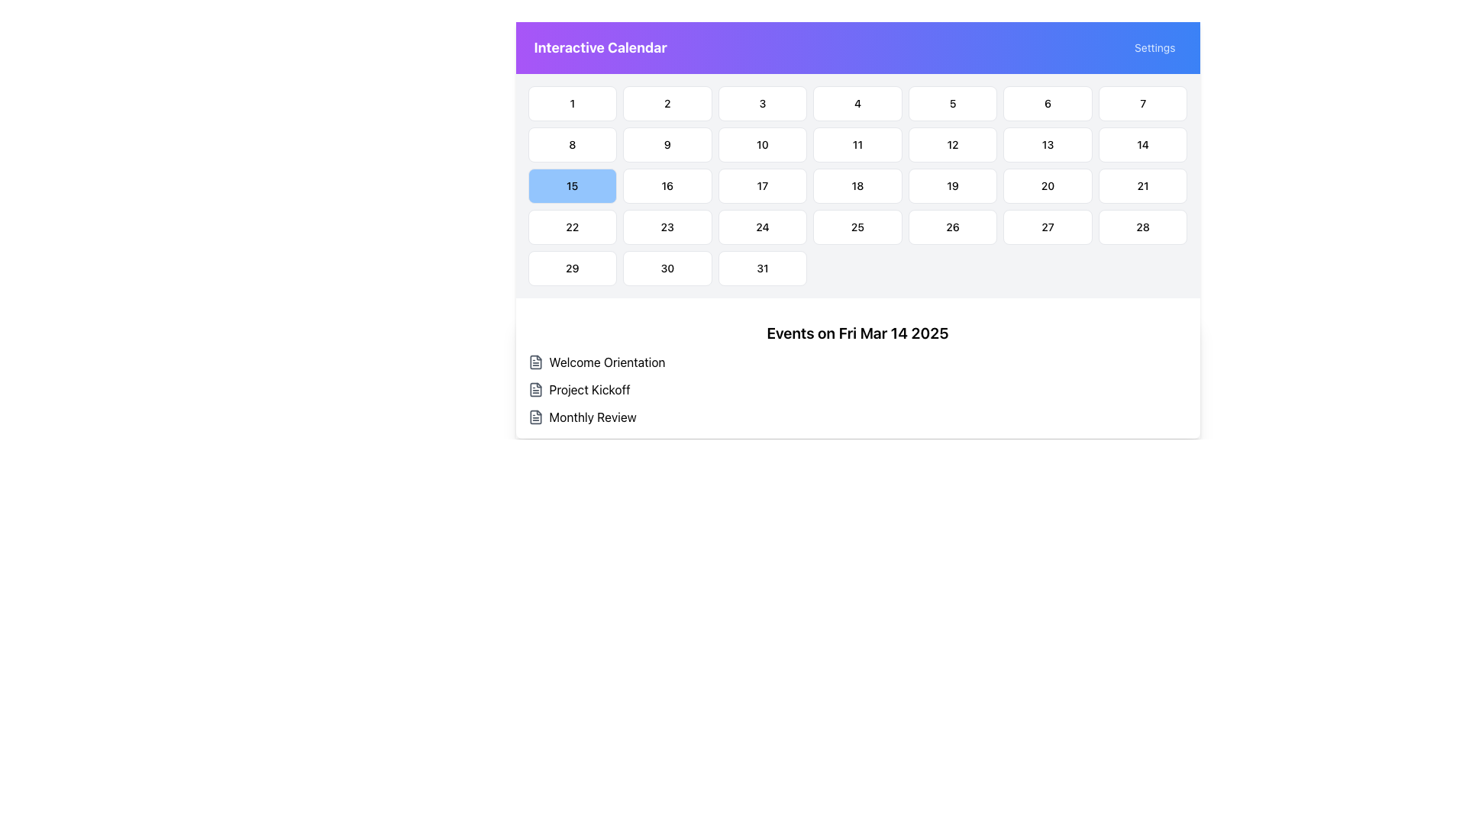 The width and height of the screenshot is (1466, 824). I want to click on the text element displaying the number '26', so click(952, 227).